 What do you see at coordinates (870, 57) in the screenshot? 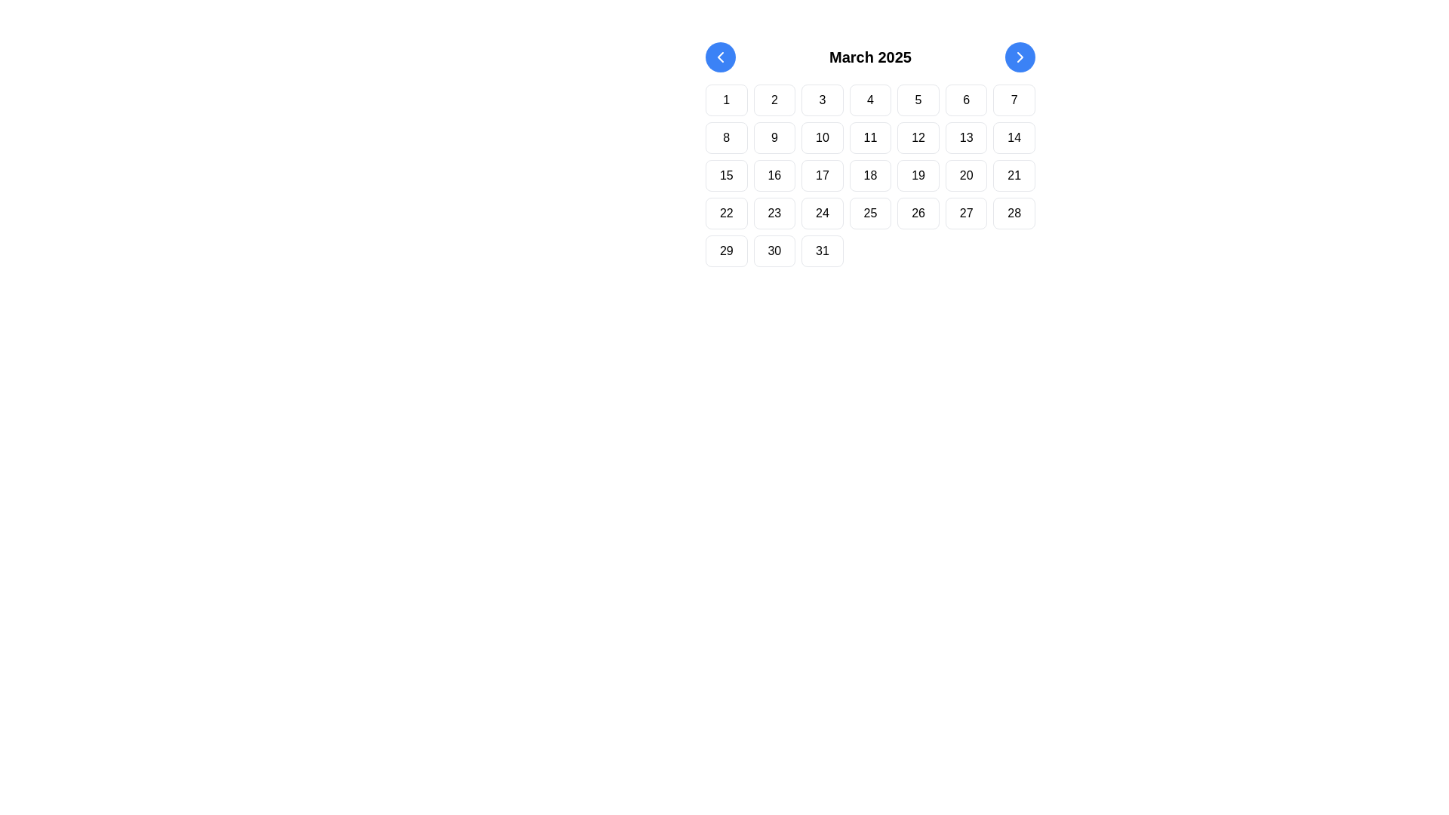
I see `the text label indicating the currently displayed month and year in the calendar view, which is horizontally centered at the top of the calendar interface` at bounding box center [870, 57].